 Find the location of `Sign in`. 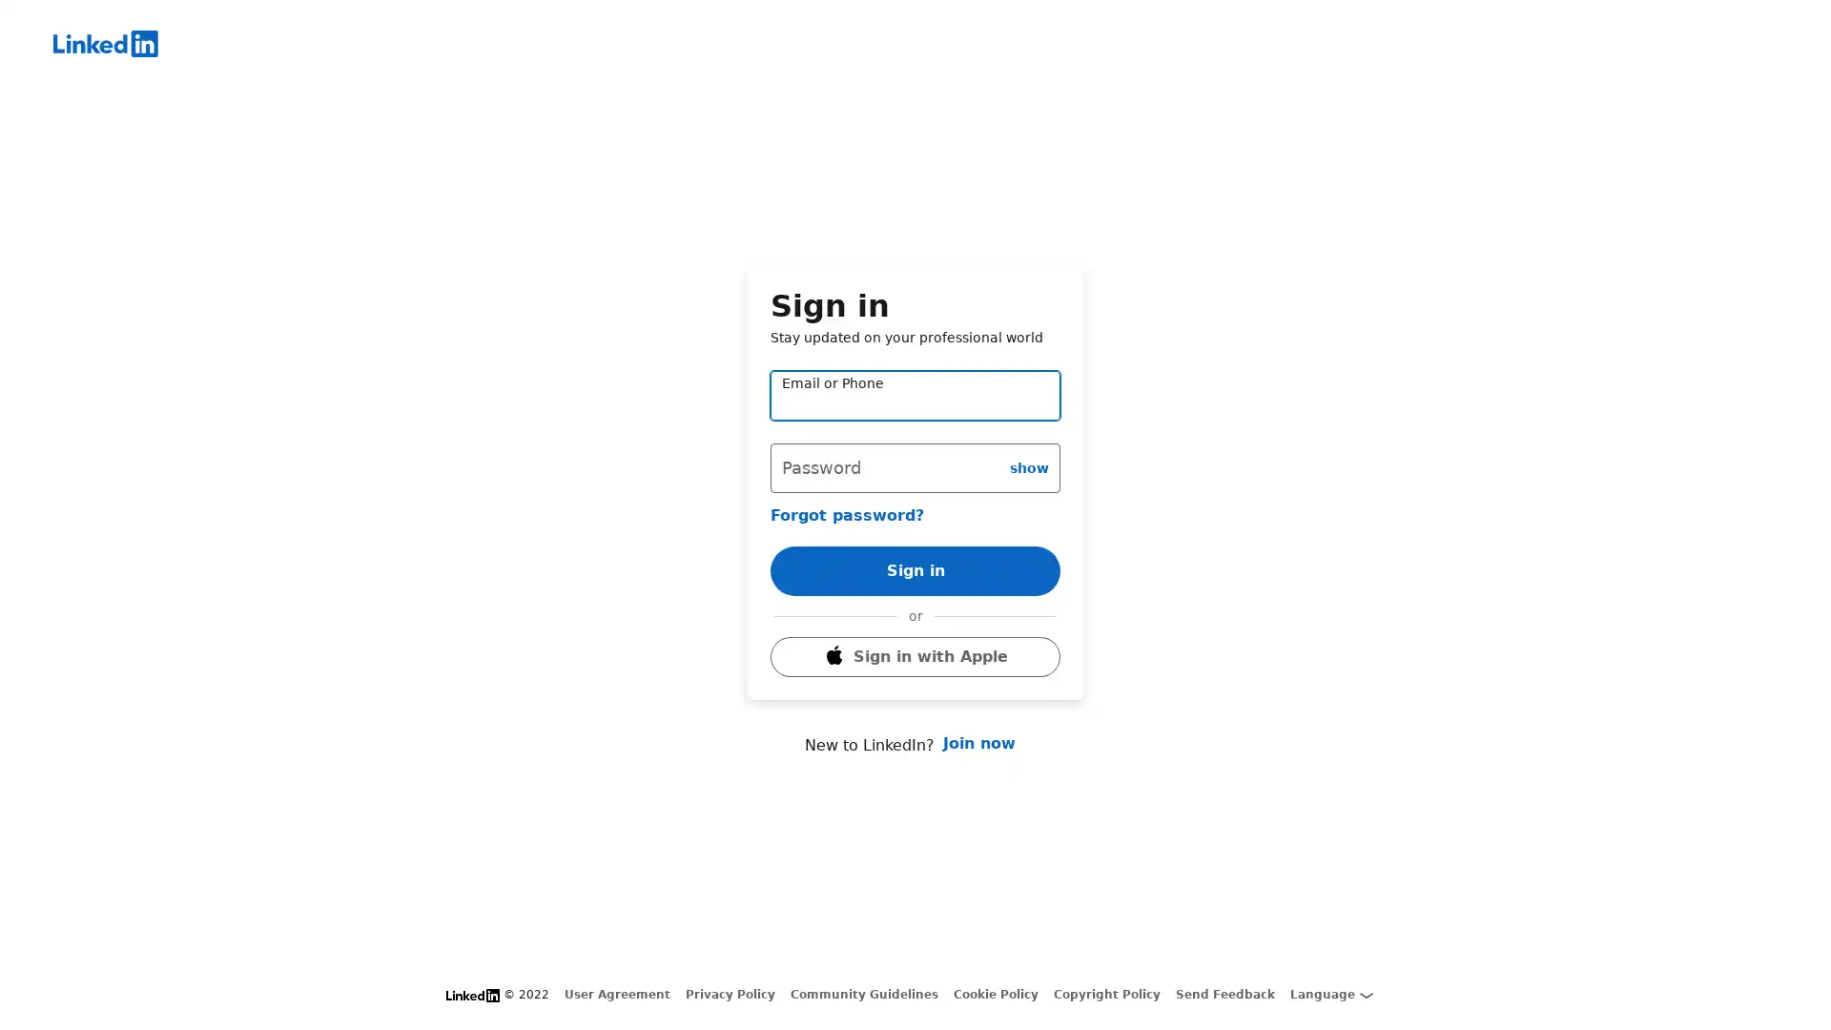

Sign in is located at coordinates (915, 544).